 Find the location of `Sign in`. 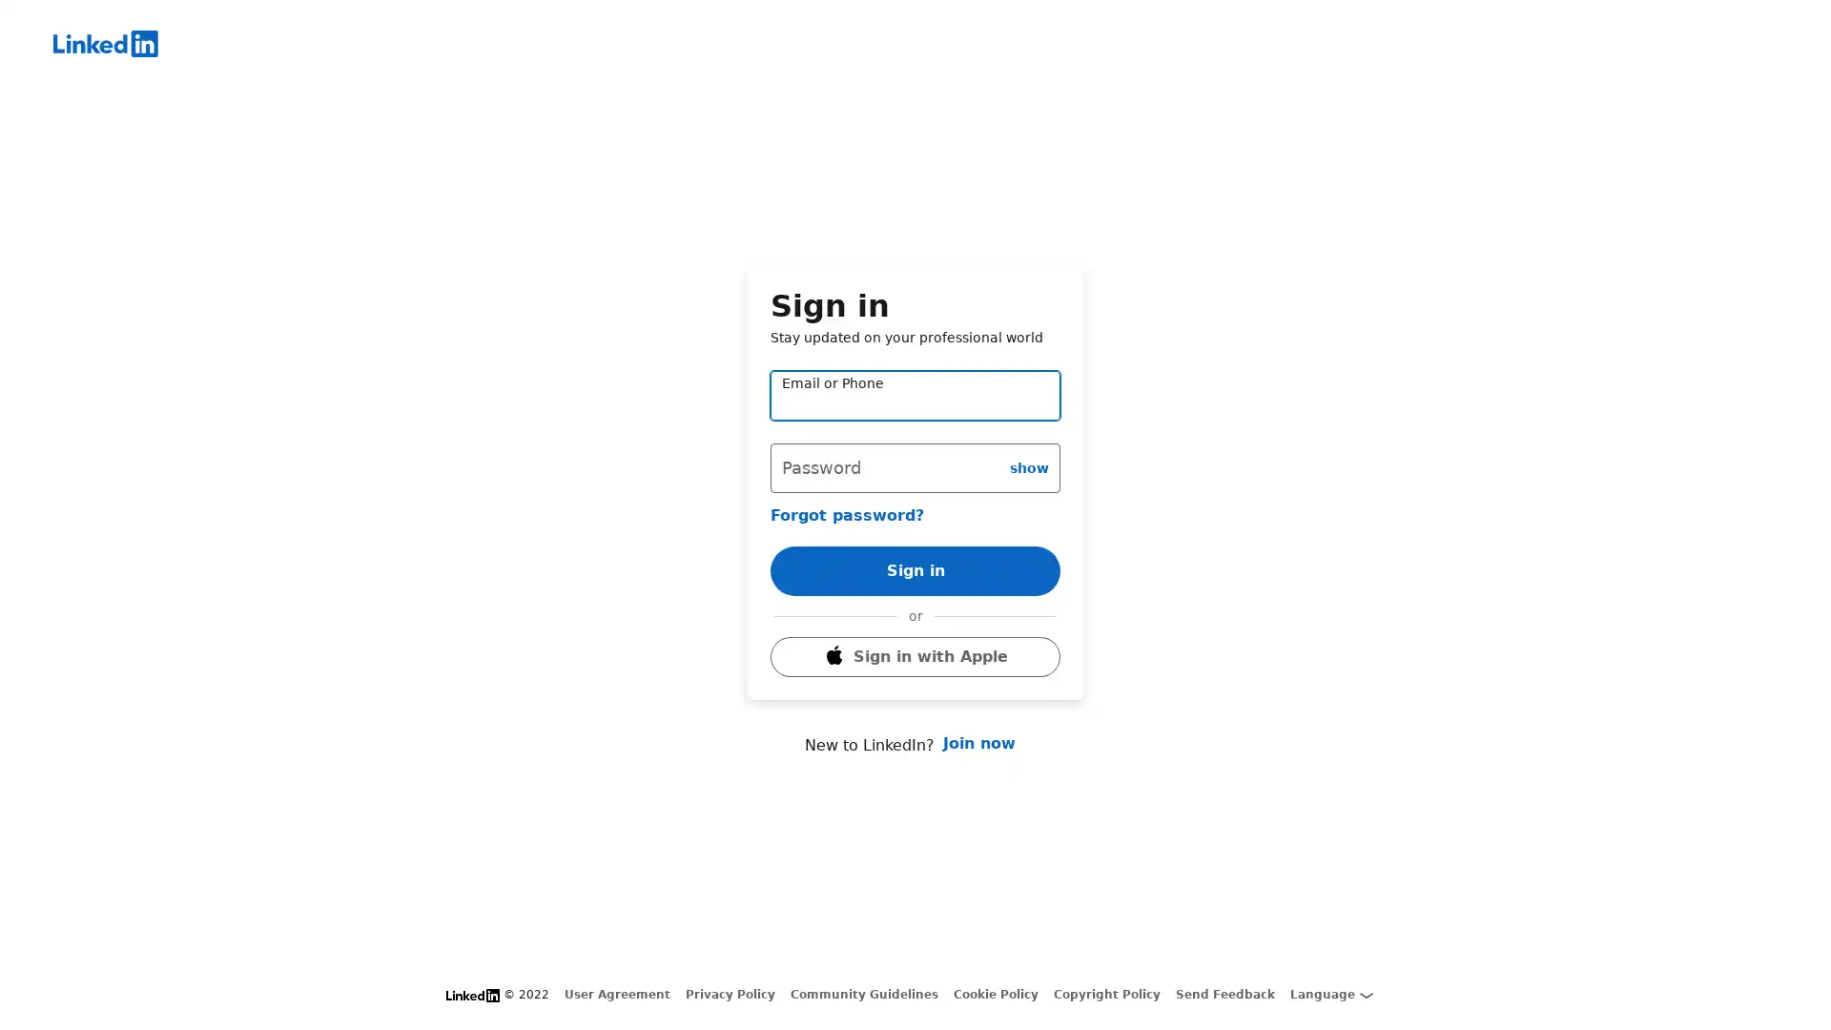

Sign in is located at coordinates (915, 544).